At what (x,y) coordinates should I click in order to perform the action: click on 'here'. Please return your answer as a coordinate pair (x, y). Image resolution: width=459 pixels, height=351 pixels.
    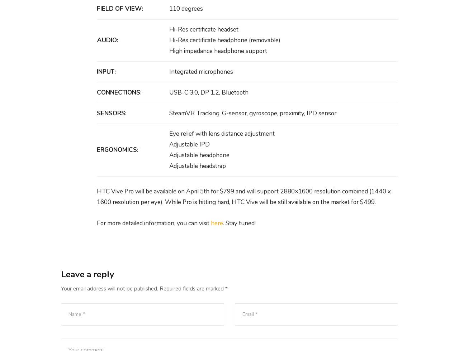
    Looking at the image, I should click on (217, 223).